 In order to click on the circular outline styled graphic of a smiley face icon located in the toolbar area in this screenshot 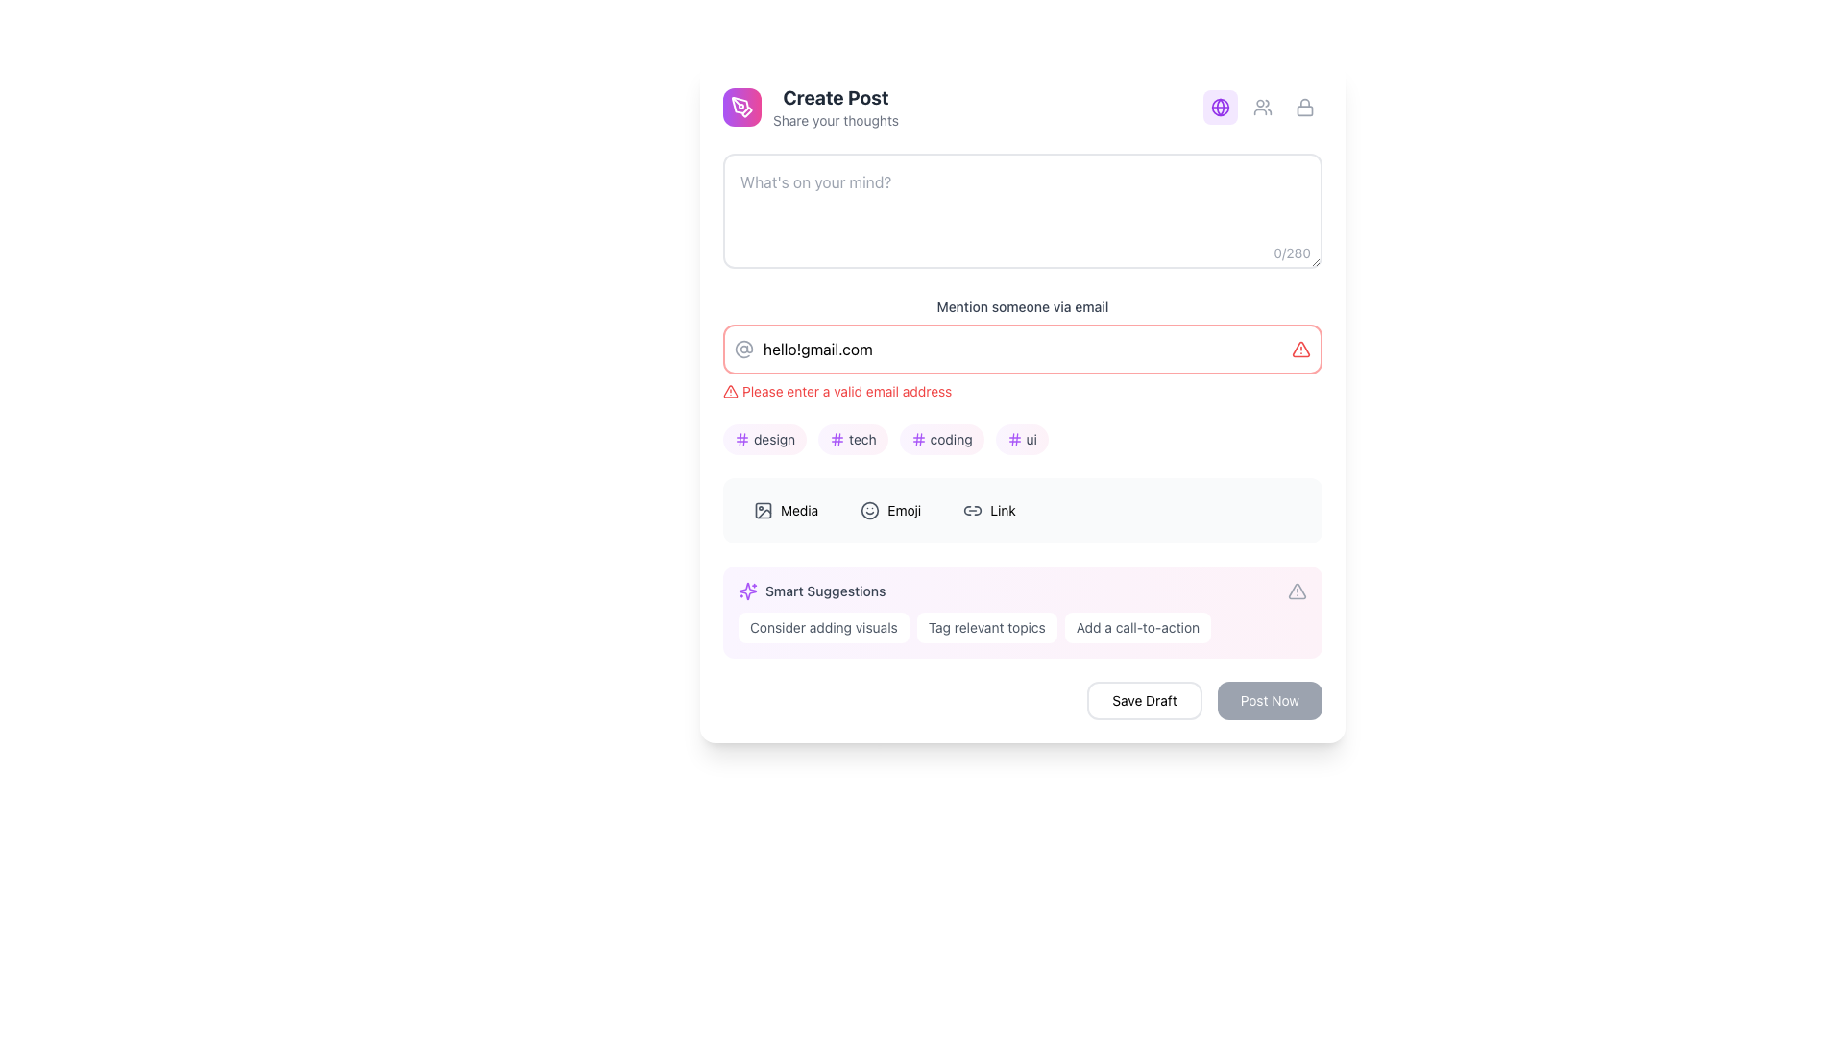, I will do `click(869, 510)`.